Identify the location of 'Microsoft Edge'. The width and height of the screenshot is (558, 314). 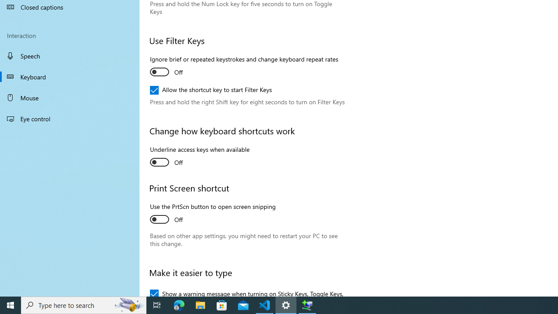
(179, 304).